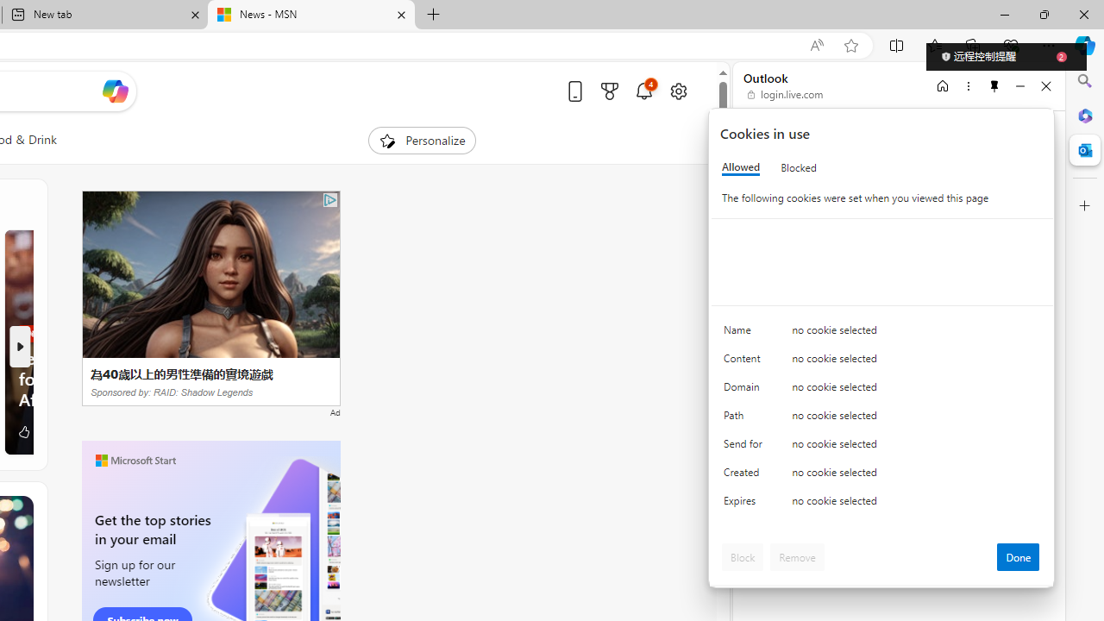 This screenshot has width=1104, height=621. I want to click on 'Created', so click(746, 476).